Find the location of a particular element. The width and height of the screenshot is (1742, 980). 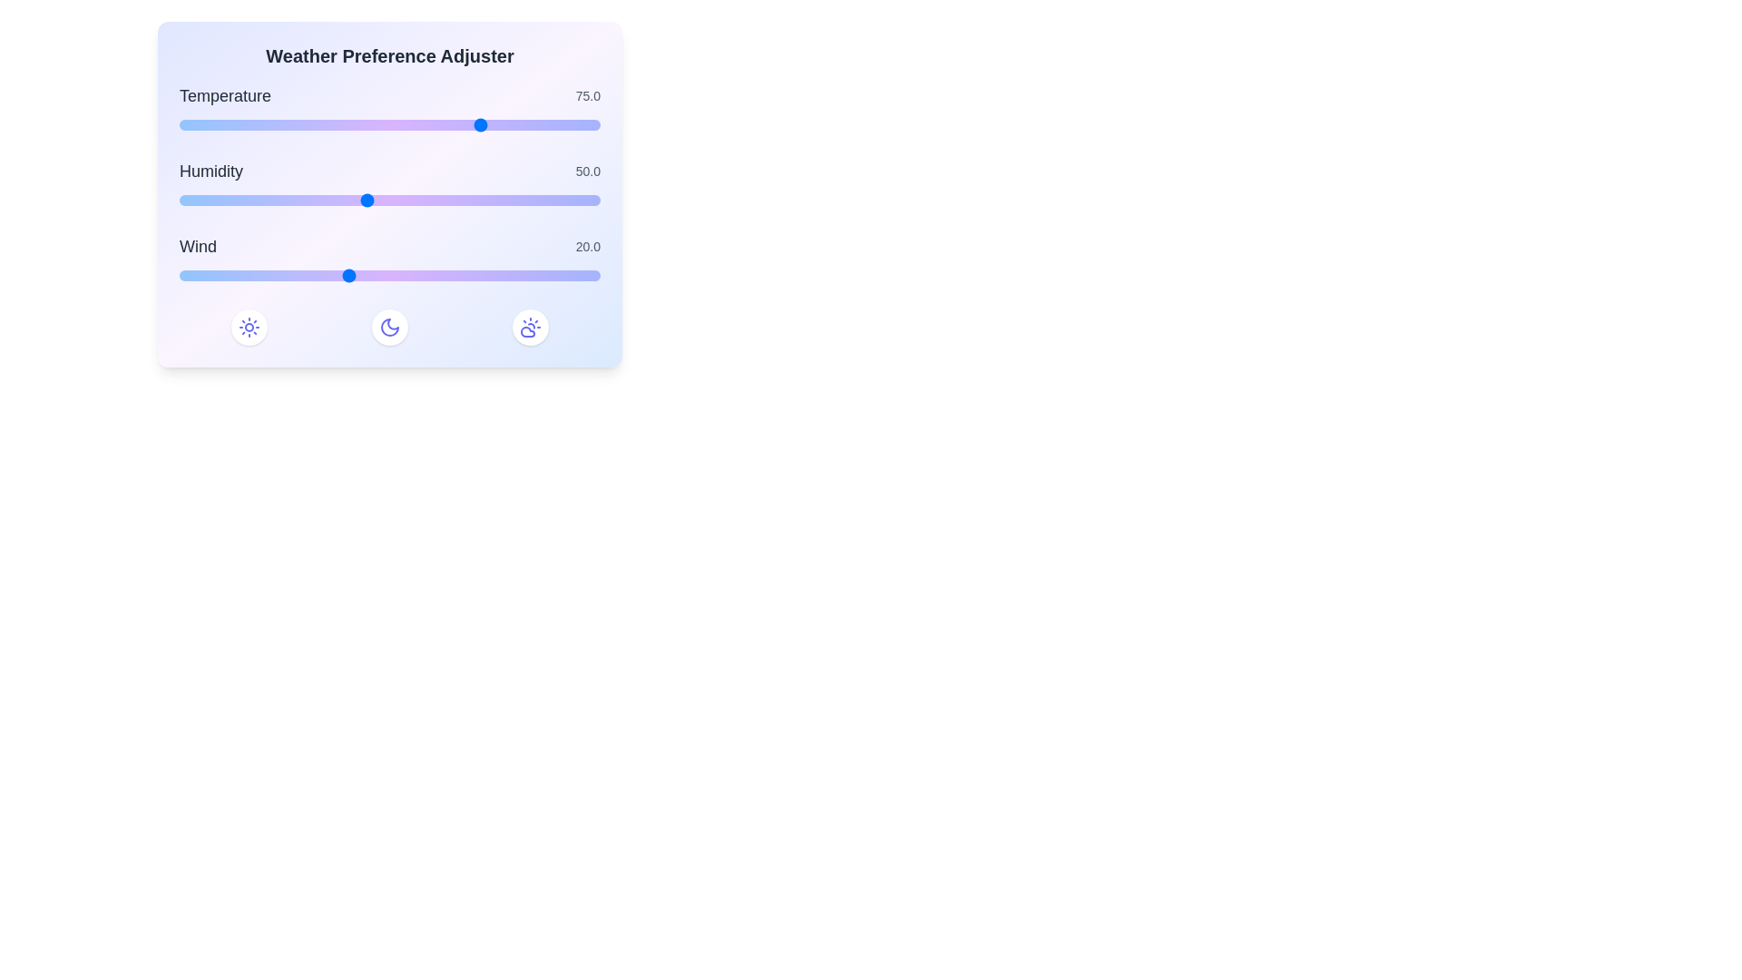

the weather condition icon button, which symbolizes the sun with clouds, located at the bottom-left corner of the 'Weather Preference Adjuster' card is located at coordinates (529, 328).